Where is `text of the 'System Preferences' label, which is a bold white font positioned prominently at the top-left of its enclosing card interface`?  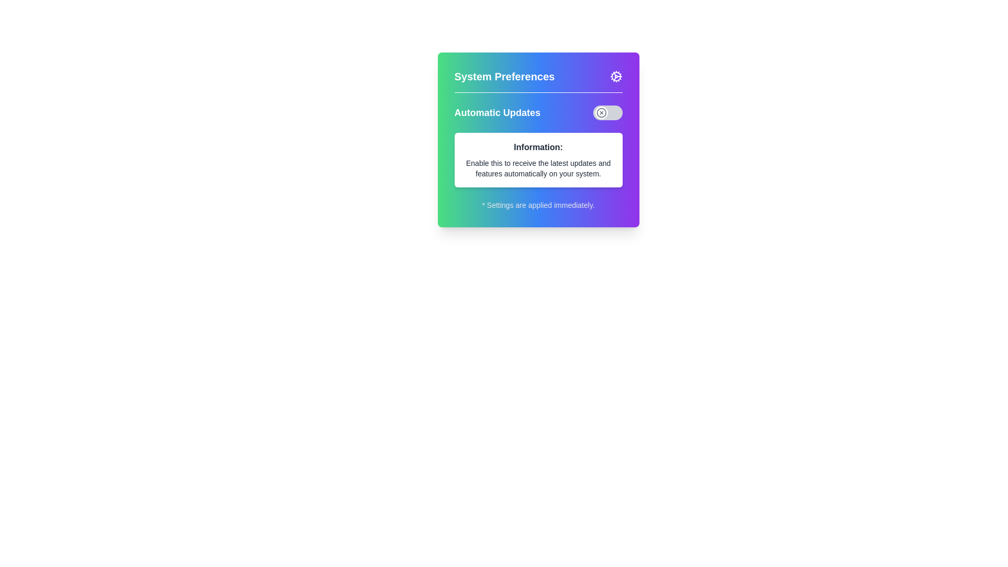
text of the 'System Preferences' label, which is a bold white font positioned prominently at the top-left of its enclosing card interface is located at coordinates (505, 76).